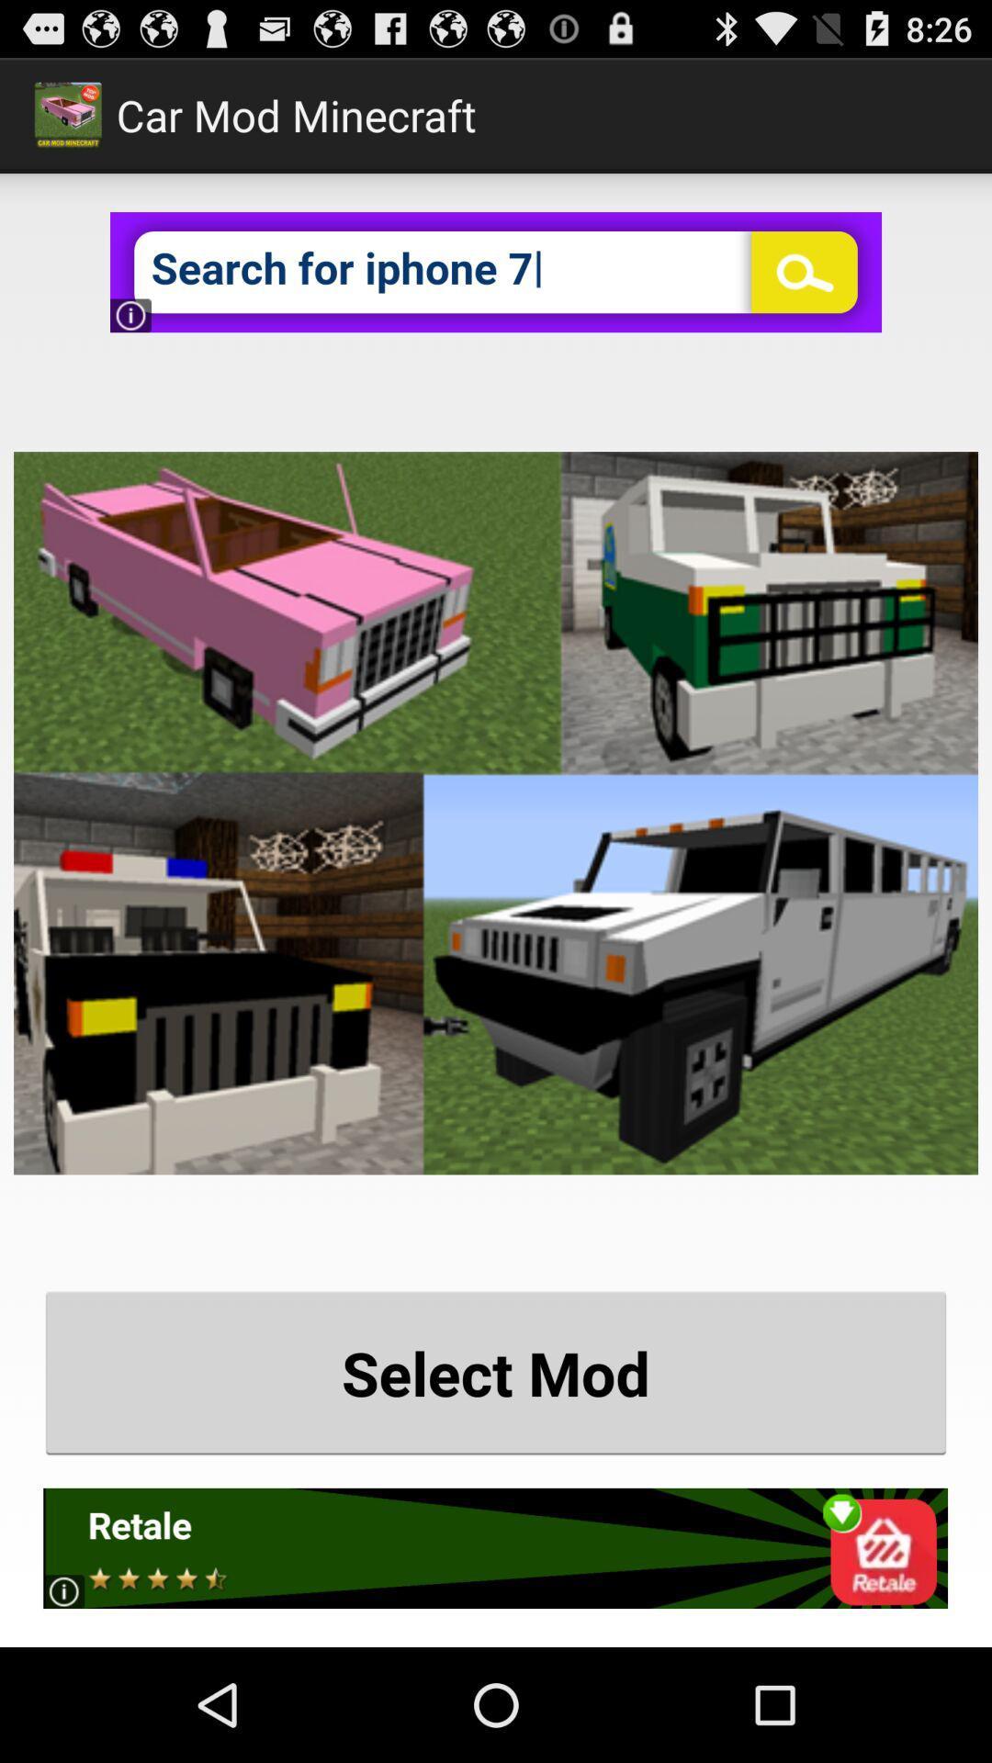  I want to click on opens up a app in the store, so click(494, 1547).